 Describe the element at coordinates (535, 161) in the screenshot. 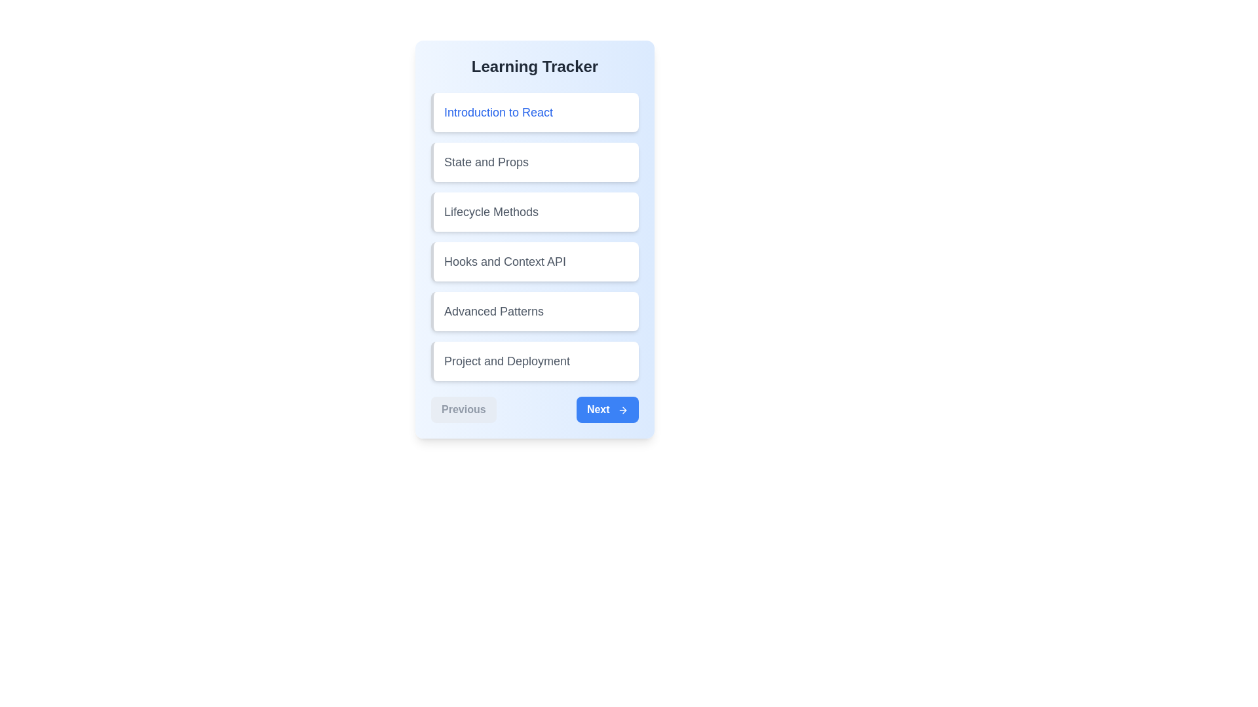

I see `the lesson titled 'State and Props' to select it` at that location.